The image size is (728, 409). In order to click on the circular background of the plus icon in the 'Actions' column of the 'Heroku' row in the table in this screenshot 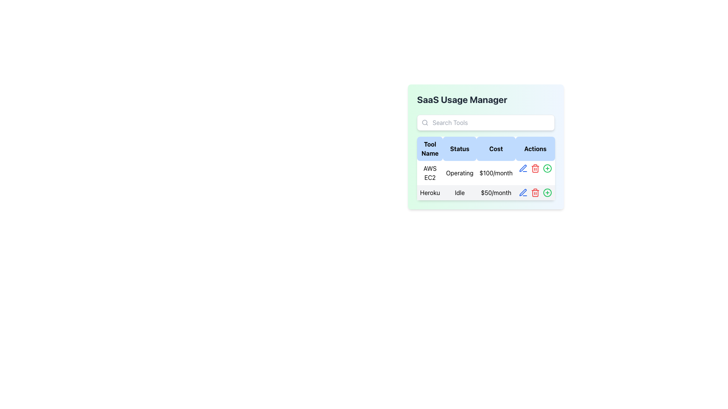, I will do `click(548, 168)`.